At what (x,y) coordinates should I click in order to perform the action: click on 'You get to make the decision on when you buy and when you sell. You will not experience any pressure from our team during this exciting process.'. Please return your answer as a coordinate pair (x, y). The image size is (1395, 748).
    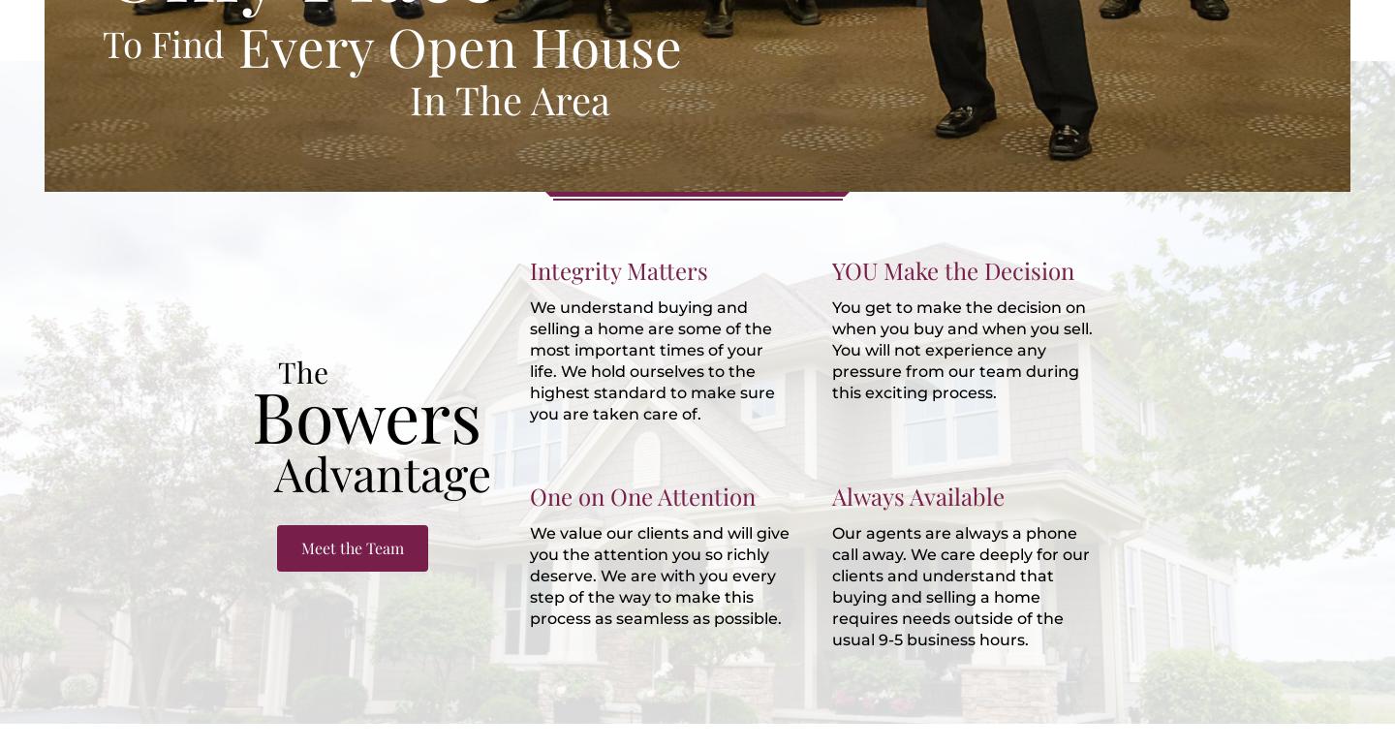
    Looking at the image, I should click on (960, 349).